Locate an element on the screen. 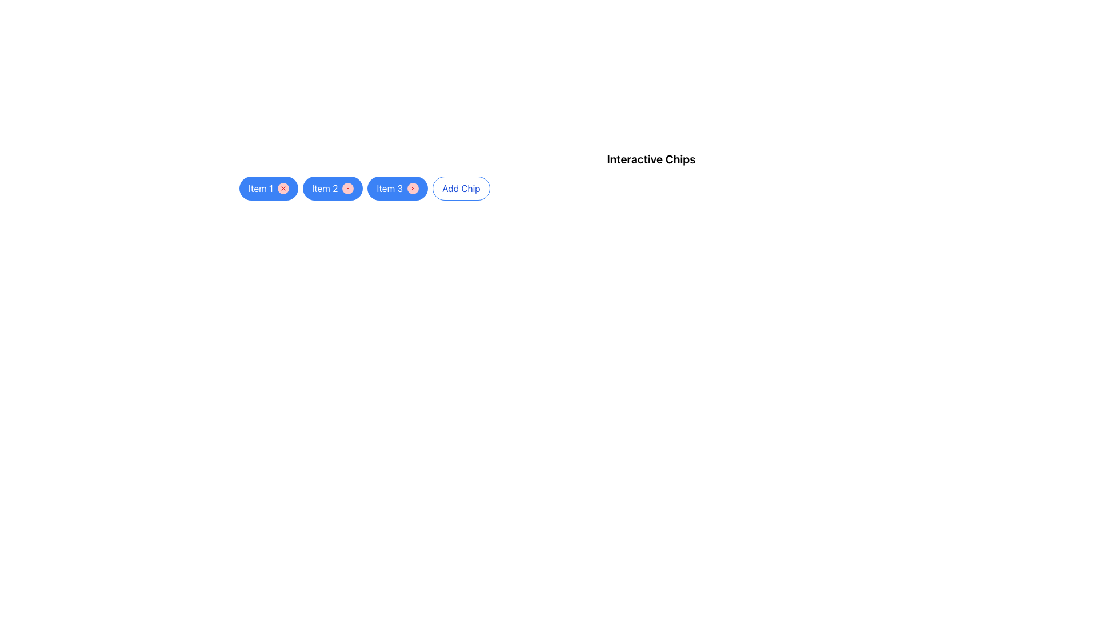 This screenshot has width=1097, height=617. the delete button associated with the 'Item 2' chip to interact with it is located at coordinates (347, 188).